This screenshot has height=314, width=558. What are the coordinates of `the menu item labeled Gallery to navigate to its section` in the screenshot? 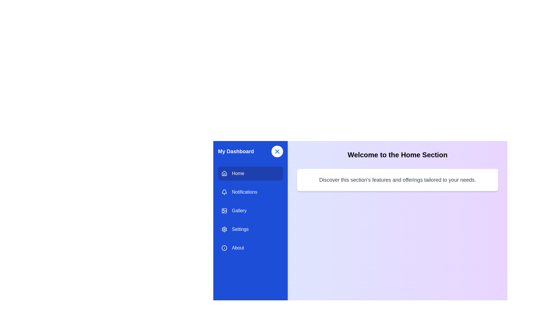 It's located at (251, 211).